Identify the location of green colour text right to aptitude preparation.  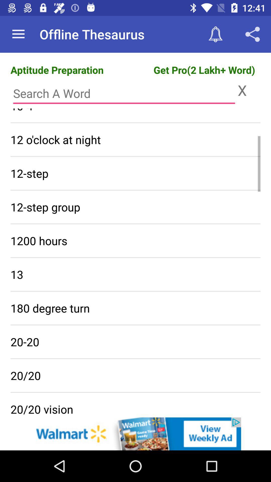
(204, 70).